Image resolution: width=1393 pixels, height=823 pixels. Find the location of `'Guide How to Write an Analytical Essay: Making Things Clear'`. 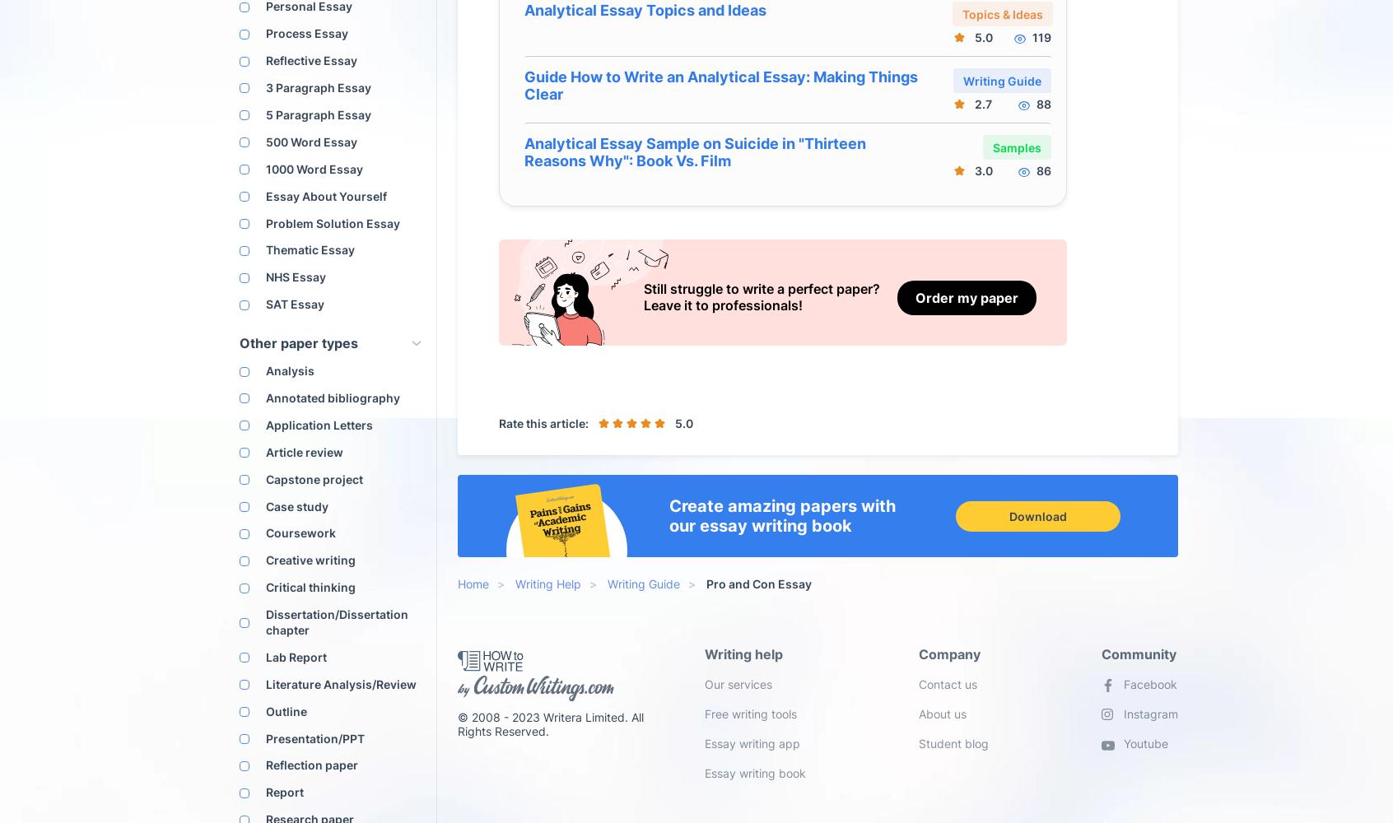

'Guide How to Write an Analytical Essay: Making Things Clear' is located at coordinates (720, 85).